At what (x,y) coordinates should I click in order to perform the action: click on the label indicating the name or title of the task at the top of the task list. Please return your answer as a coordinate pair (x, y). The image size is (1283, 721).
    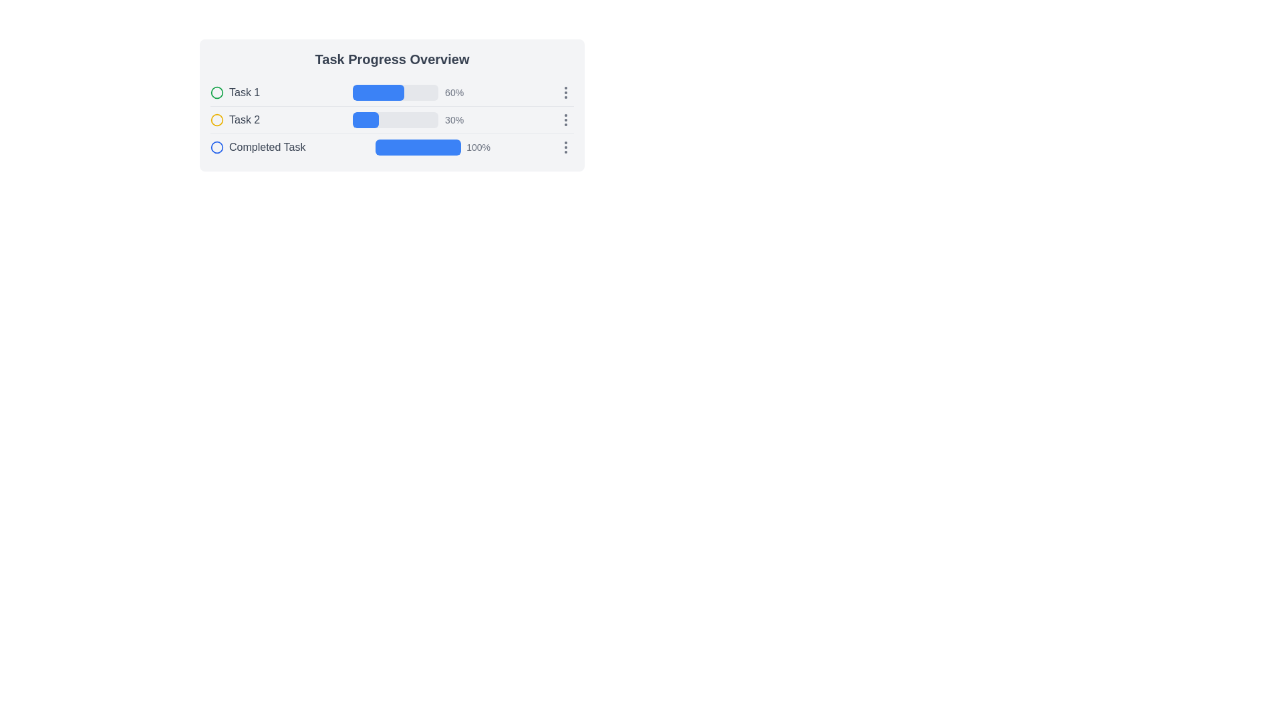
    Looking at the image, I should click on (235, 91).